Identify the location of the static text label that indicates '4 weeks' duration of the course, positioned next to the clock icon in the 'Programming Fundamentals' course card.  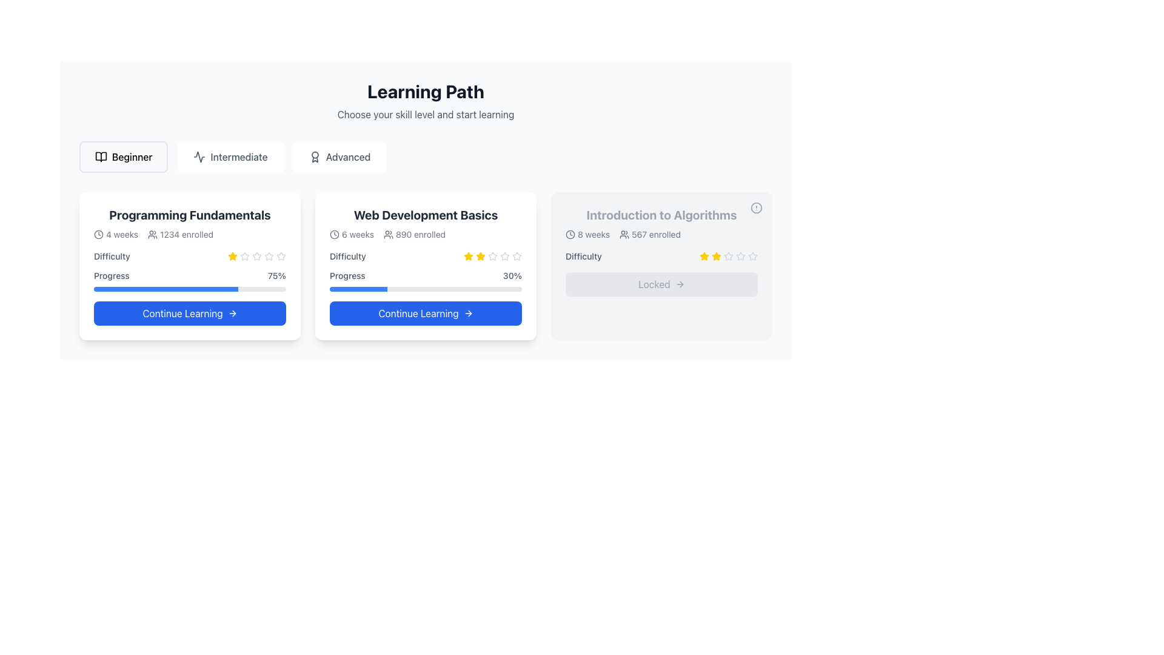
(122, 234).